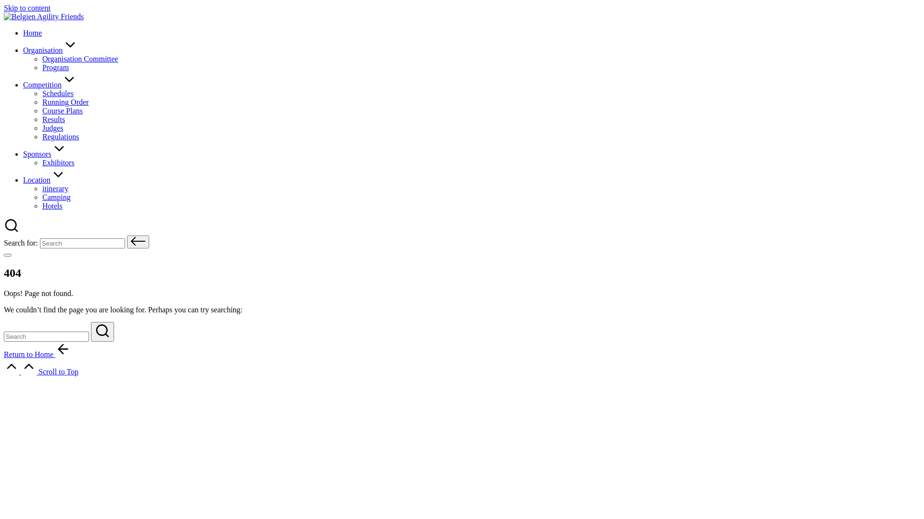 The image size is (924, 519). Describe the element at coordinates (44, 153) in the screenshot. I see `'Sponsors'` at that location.